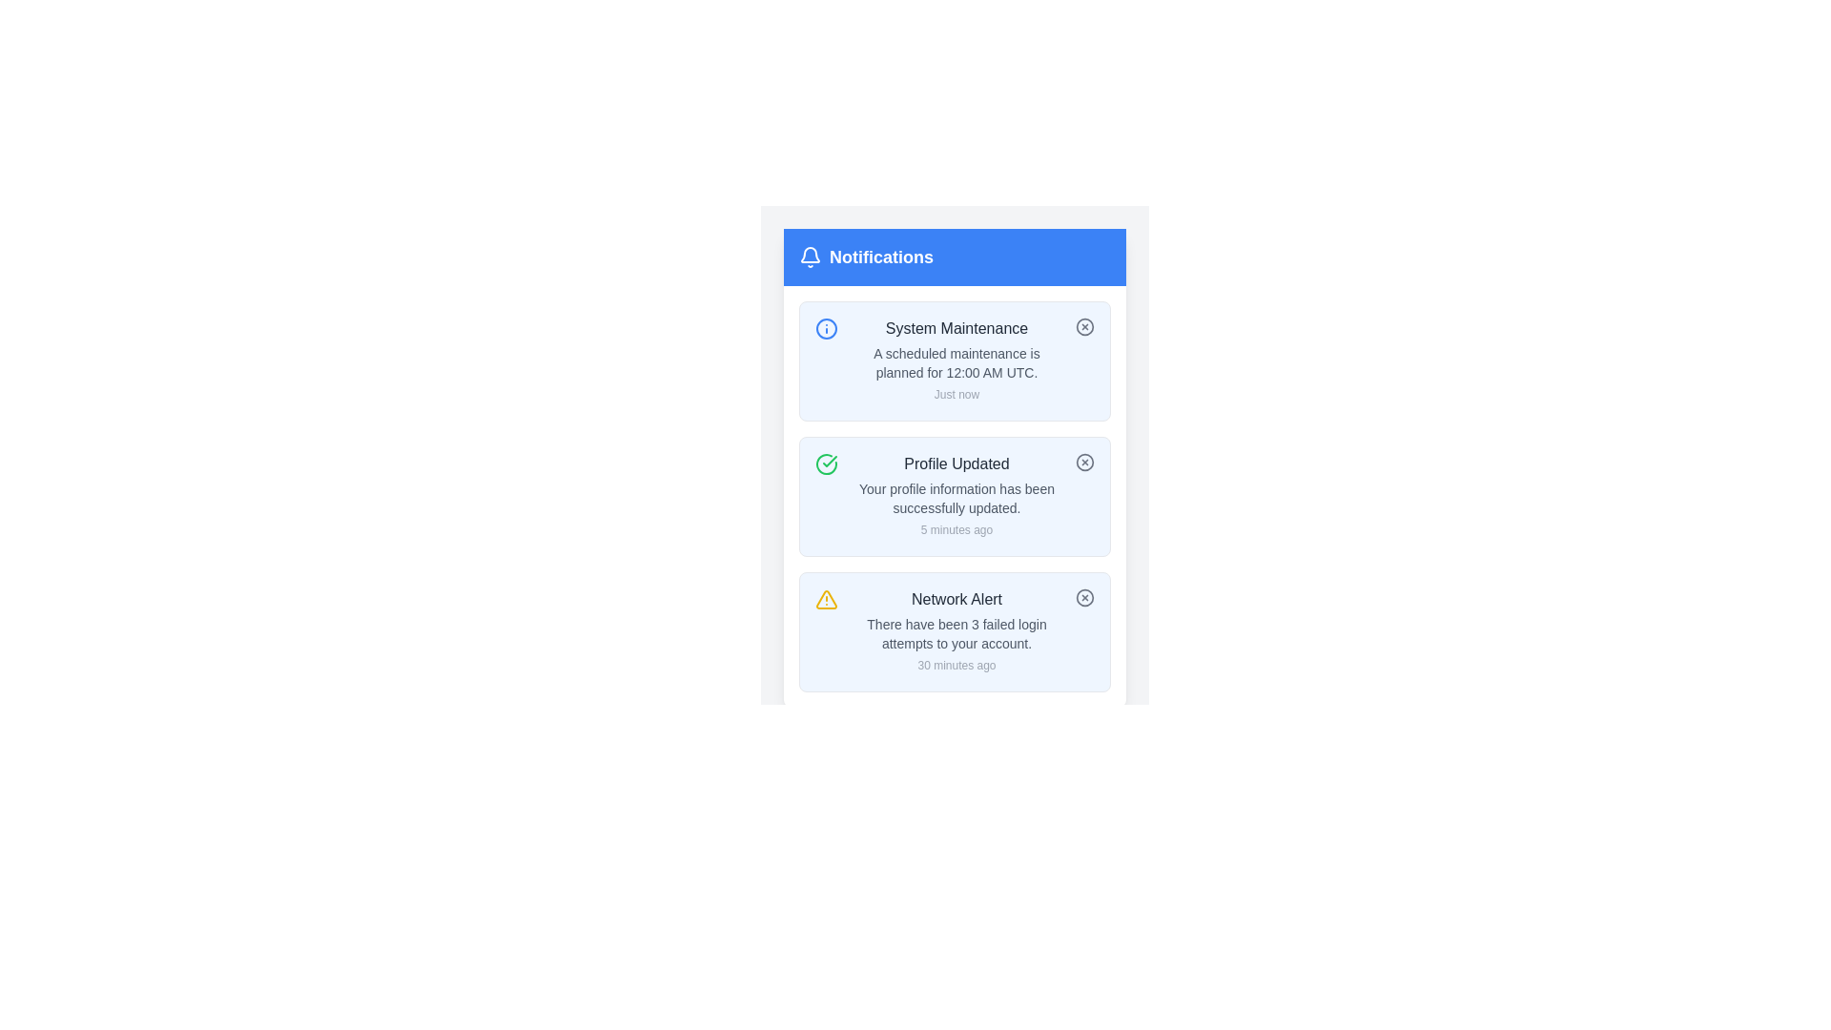  I want to click on text of the notification header, which includes a bell icon and the bold white text 'Notifications' on a blue background, so click(865, 257).